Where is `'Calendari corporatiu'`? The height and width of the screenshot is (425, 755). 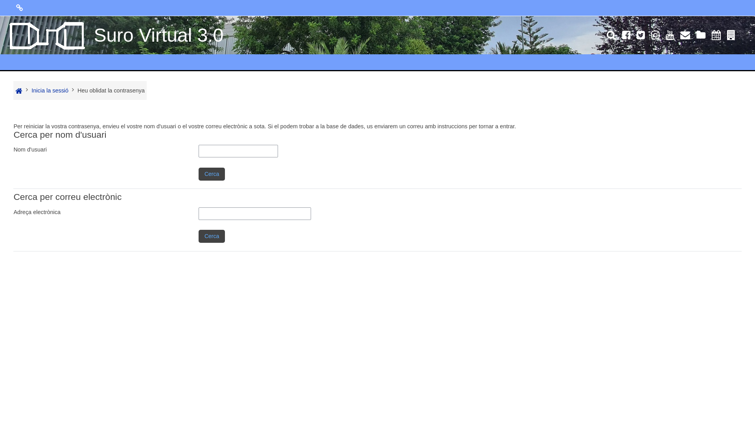
'Calendari corporatiu' is located at coordinates (708, 36).